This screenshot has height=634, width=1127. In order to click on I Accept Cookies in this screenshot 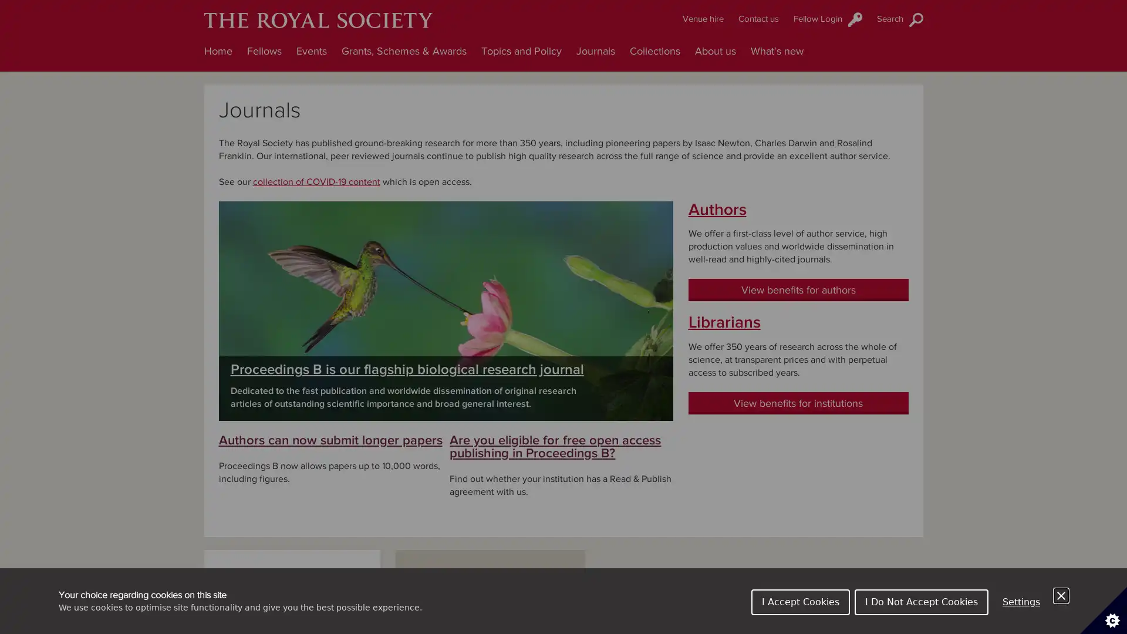, I will do `click(799, 602)`.